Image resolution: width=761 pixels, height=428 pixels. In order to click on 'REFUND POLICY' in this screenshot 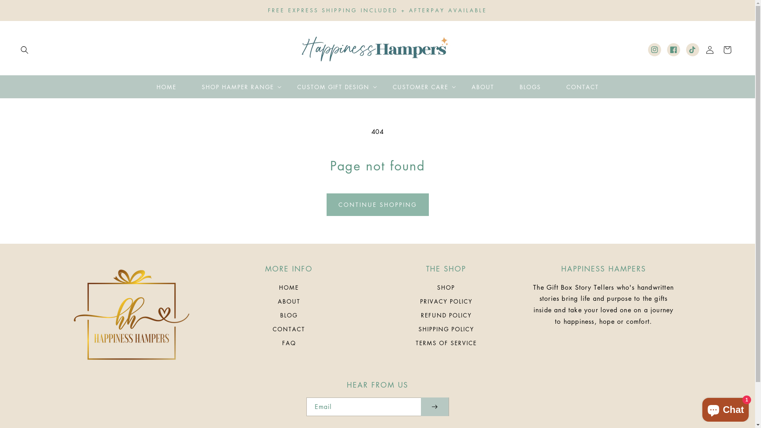, I will do `click(446, 315)`.